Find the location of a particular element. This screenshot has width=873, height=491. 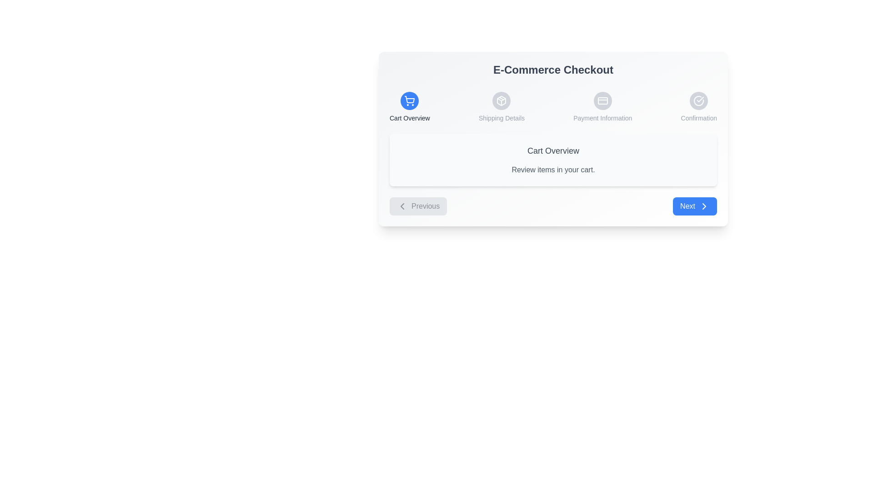

the circular button with a light gray background and a white credit card symbol, which is the third button in the horizontal sequence of checkout steps is located at coordinates (602, 101).